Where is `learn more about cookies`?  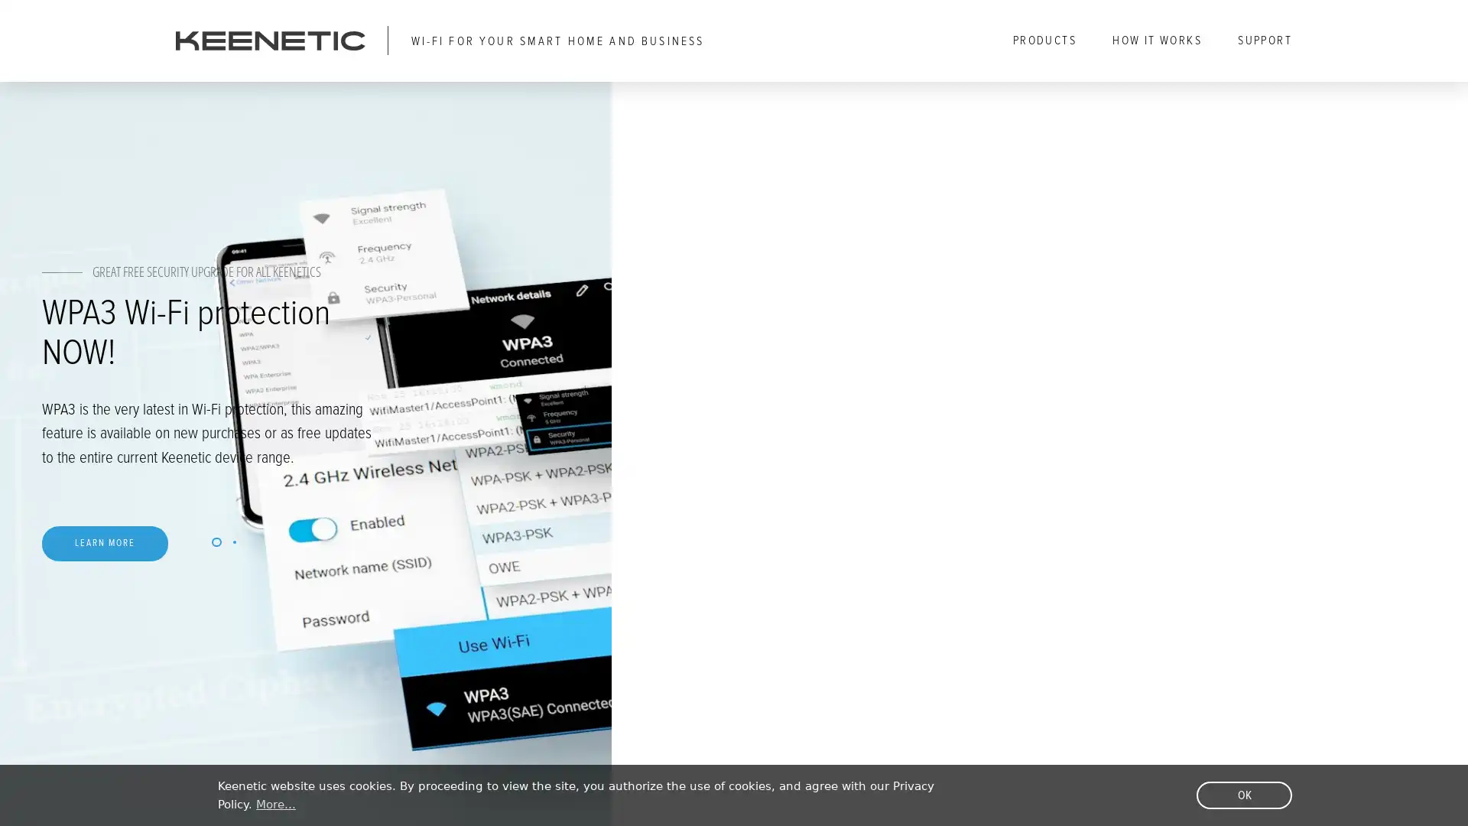
learn more about cookies is located at coordinates (275, 804).